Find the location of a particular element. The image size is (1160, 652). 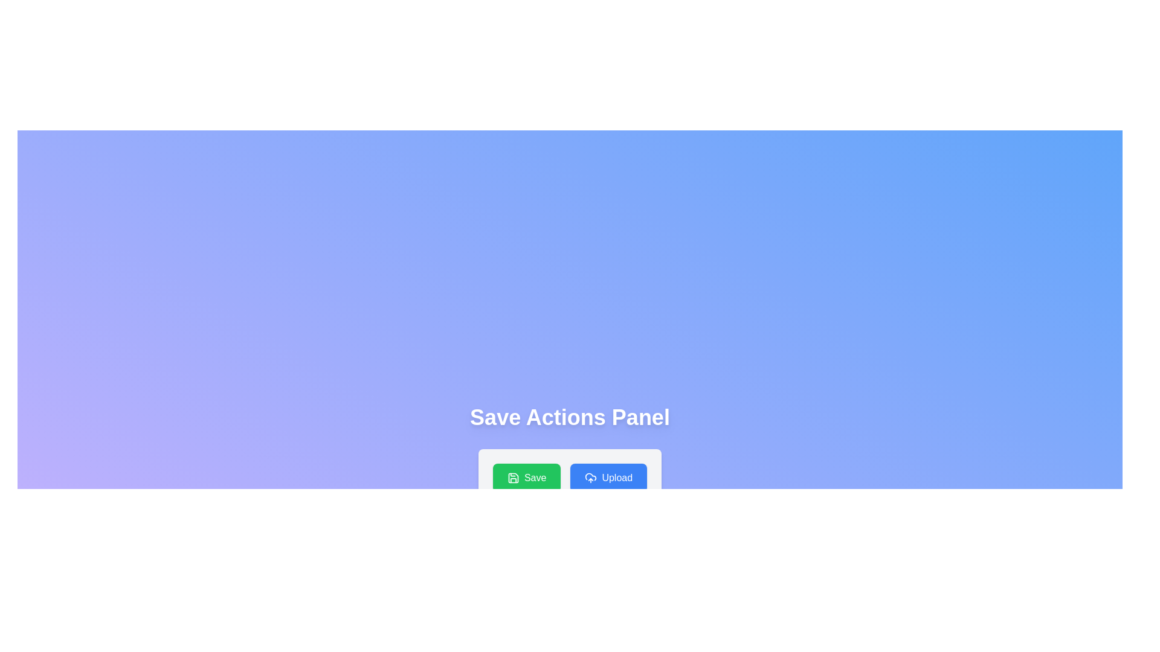

the upload button located to the right of the green 'Save' button in the 'Save Actions Panel' to initiate the upload process is located at coordinates (608, 477).